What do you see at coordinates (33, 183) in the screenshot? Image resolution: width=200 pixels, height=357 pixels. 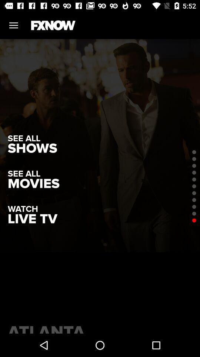 I see `the movies` at bounding box center [33, 183].